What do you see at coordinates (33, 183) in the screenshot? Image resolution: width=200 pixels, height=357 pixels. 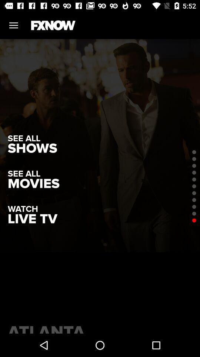 I see `the movies` at bounding box center [33, 183].